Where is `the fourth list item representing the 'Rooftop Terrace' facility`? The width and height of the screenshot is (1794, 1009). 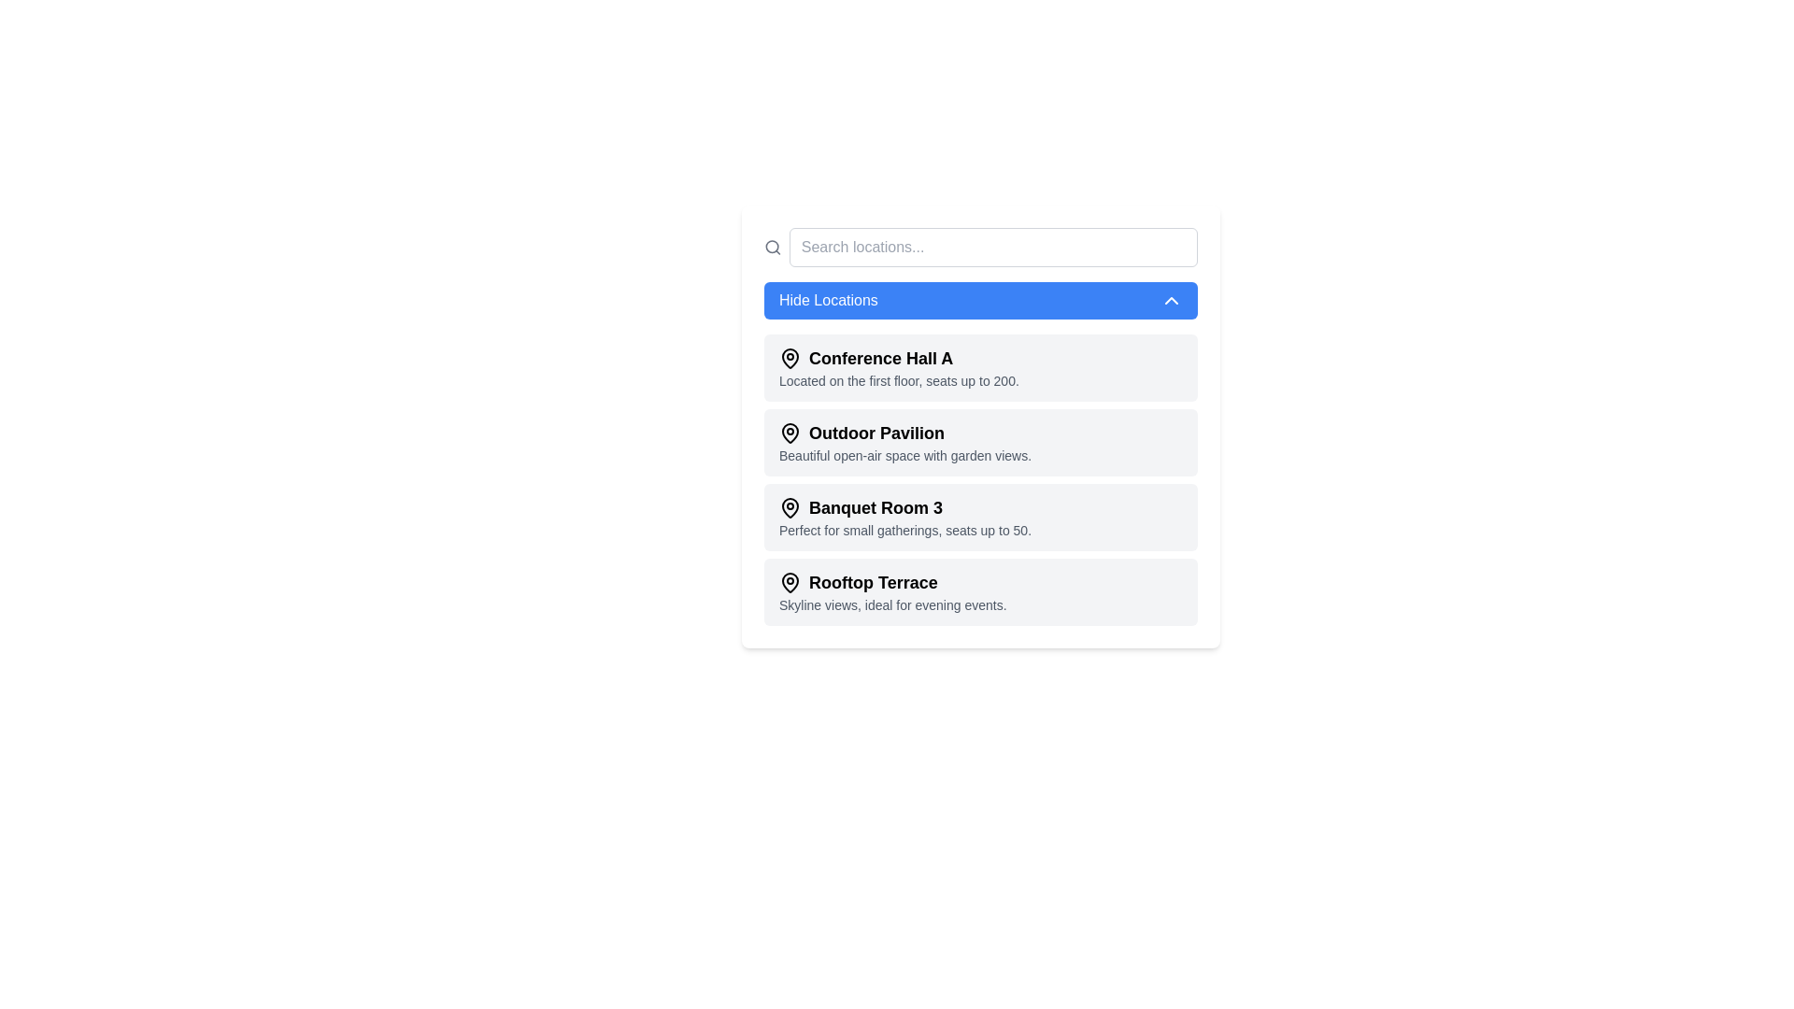 the fourth list item representing the 'Rooftop Terrace' facility is located at coordinates (980, 591).